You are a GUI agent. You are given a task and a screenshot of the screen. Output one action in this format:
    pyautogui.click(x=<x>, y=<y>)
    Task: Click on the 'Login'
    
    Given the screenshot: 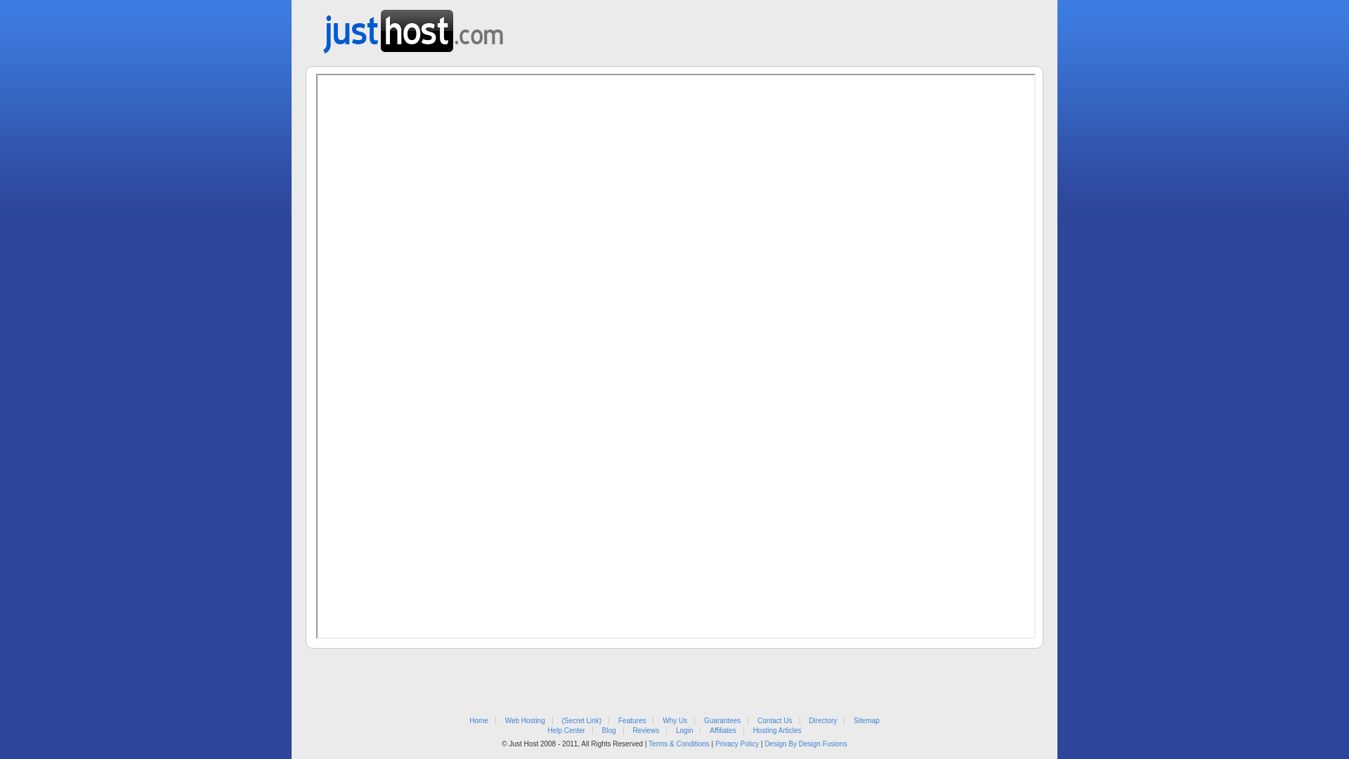 What is the action you would take?
    pyautogui.click(x=675, y=729)
    